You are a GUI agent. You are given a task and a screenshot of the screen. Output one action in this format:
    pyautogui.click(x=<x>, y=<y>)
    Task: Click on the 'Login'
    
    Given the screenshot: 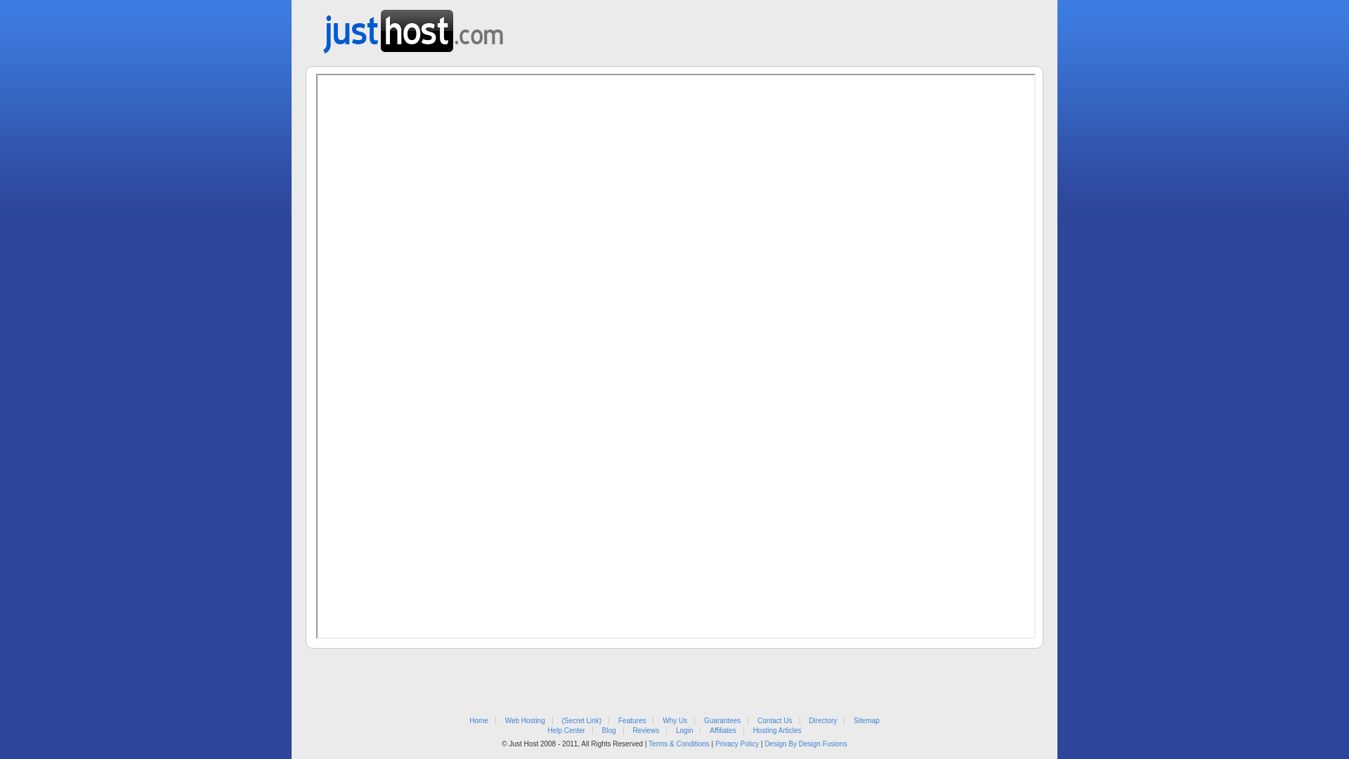 What is the action you would take?
    pyautogui.click(x=675, y=729)
    